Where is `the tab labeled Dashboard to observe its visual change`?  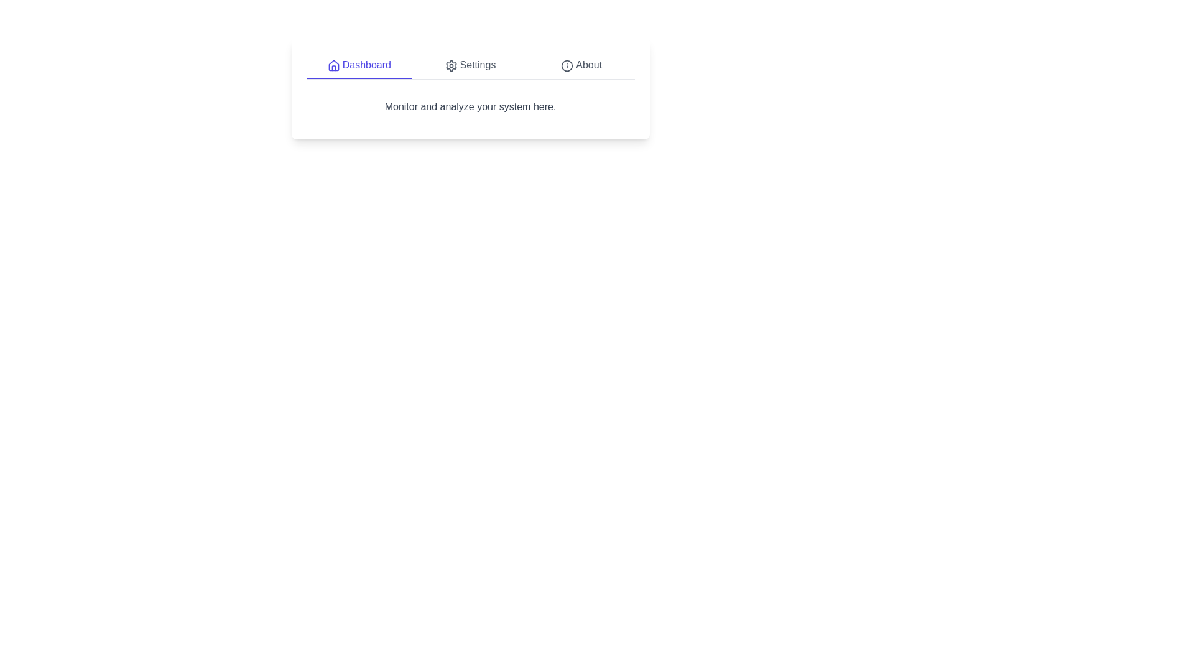 the tab labeled Dashboard to observe its visual change is located at coordinates (358, 65).